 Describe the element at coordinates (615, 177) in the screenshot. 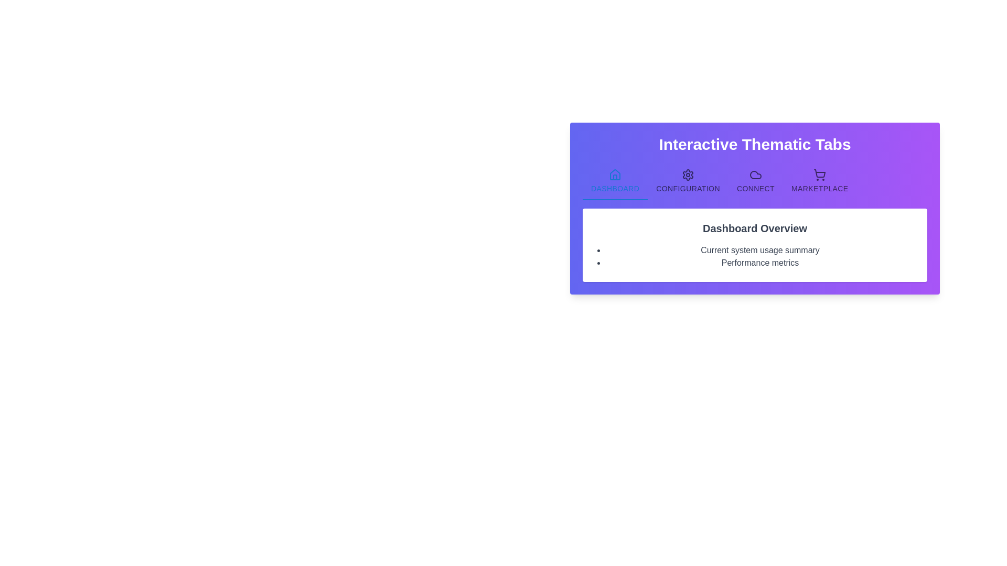

I see `the vertical segment of the house icon representing the door or wall, located in the DASHBOARD tab` at that location.